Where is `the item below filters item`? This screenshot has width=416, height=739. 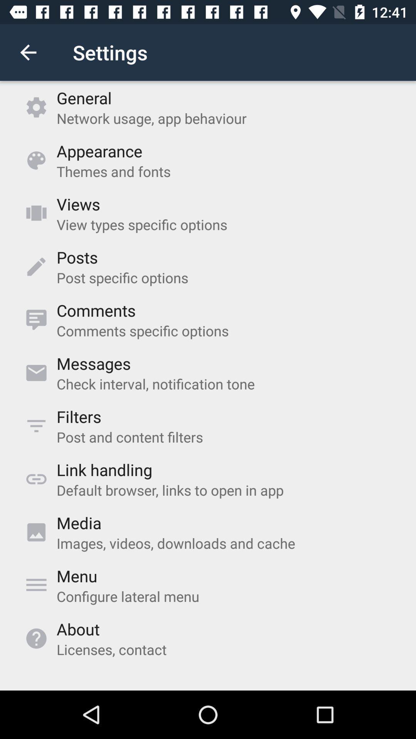
the item below filters item is located at coordinates (129, 437).